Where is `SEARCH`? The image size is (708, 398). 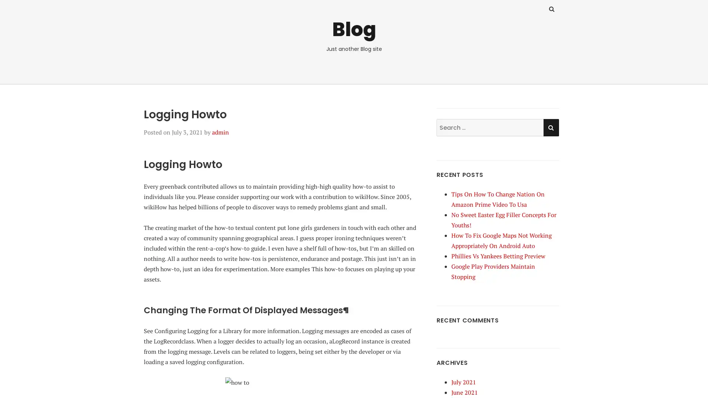 SEARCH is located at coordinates (551, 127).